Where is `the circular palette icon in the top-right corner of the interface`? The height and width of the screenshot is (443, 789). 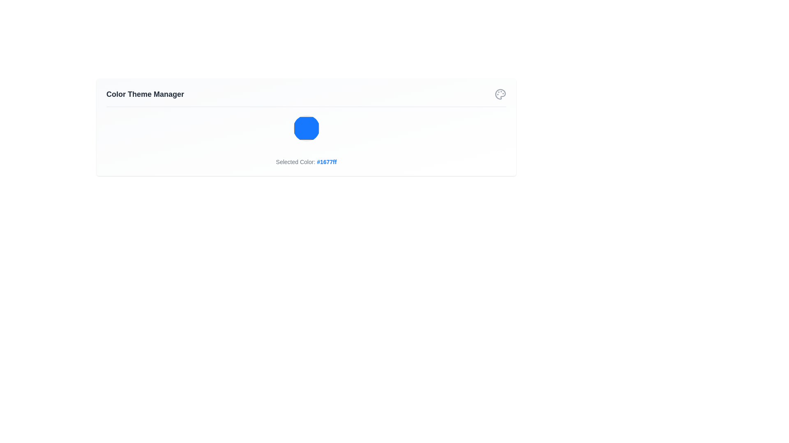 the circular palette icon in the top-right corner of the interface is located at coordinates (500, 94).